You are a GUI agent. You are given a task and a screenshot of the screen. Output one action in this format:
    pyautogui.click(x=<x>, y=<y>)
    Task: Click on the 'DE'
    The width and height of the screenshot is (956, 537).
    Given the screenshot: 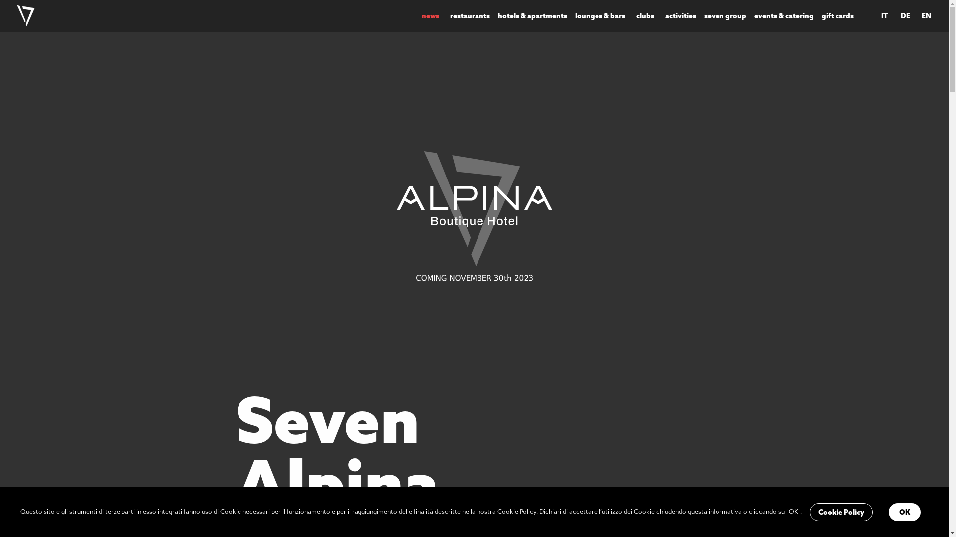 What is the action you would take?
    pyautogui.click(x=905, y=16)
    